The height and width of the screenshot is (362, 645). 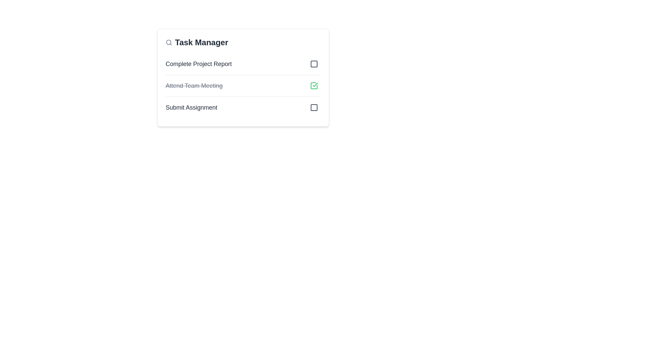 What do you see at coordinates (314, 85) in the screenshot?
I see `the completion icon for the task 'Attend Team Meeting', which indicates that the task has been marked as done or acknowledged` at bounding box center [314, 85].